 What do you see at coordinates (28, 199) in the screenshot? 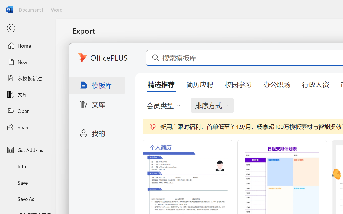
I see `'Save As'` at bounding box center [28, 199].